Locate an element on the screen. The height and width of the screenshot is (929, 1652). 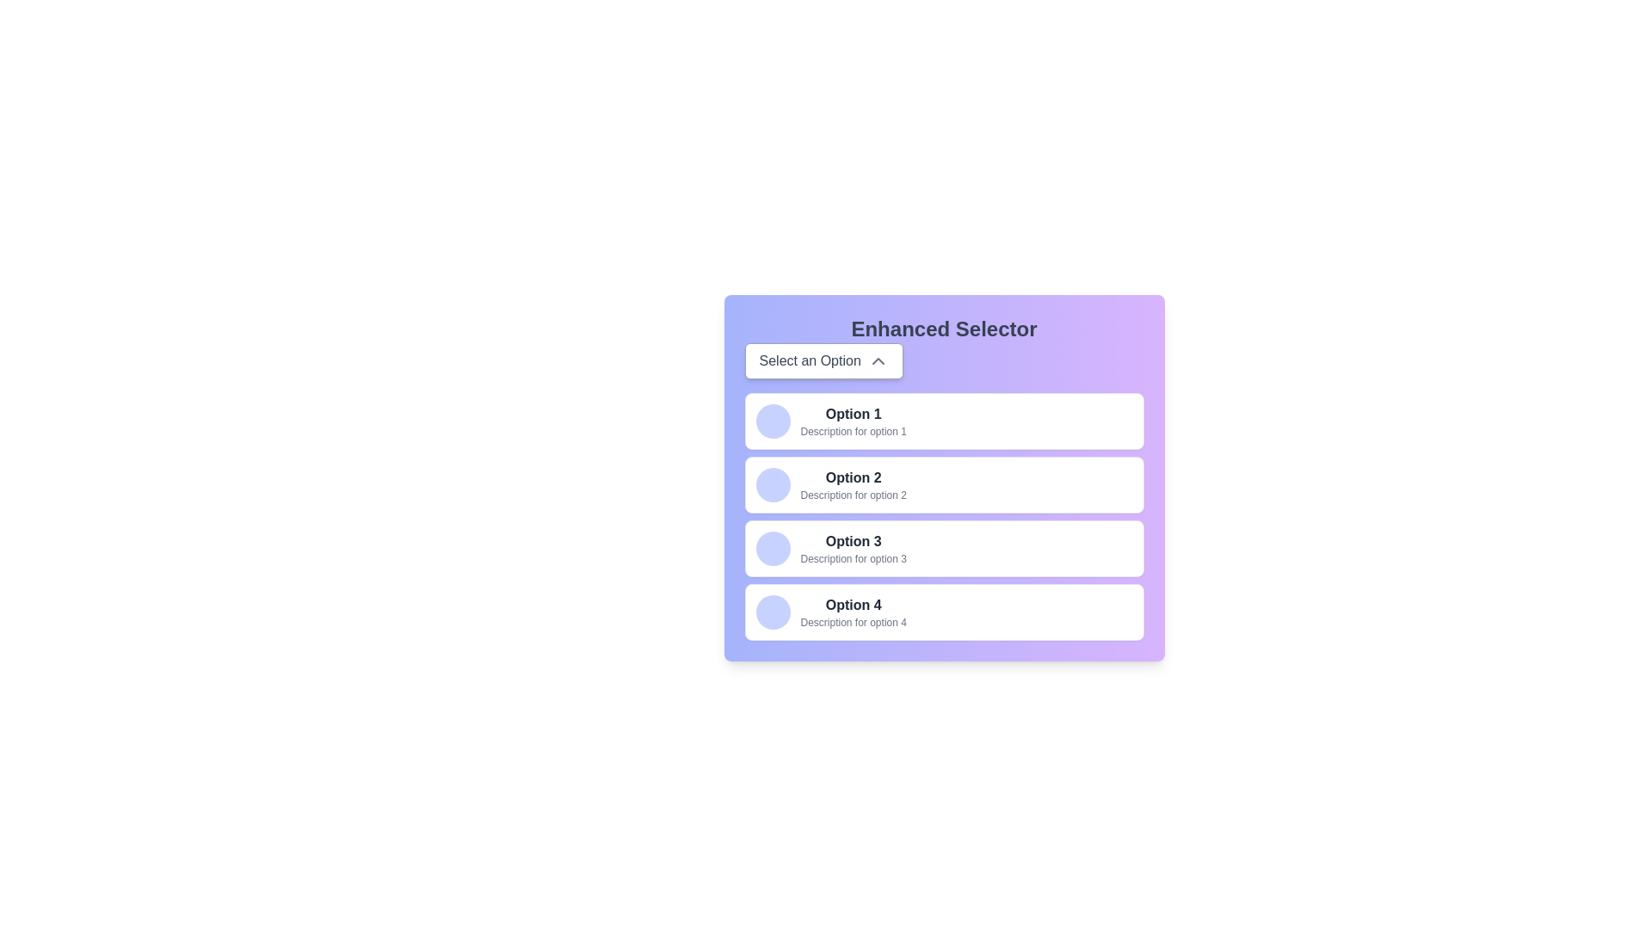
the List Item with Textual Content displaying 'Option 4' is located at coordinates (854, 612).